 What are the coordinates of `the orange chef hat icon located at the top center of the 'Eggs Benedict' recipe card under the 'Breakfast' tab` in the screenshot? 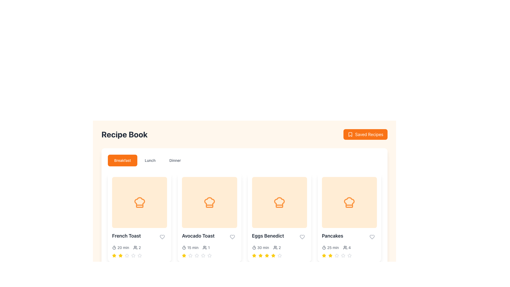 It's located at (279, 202).